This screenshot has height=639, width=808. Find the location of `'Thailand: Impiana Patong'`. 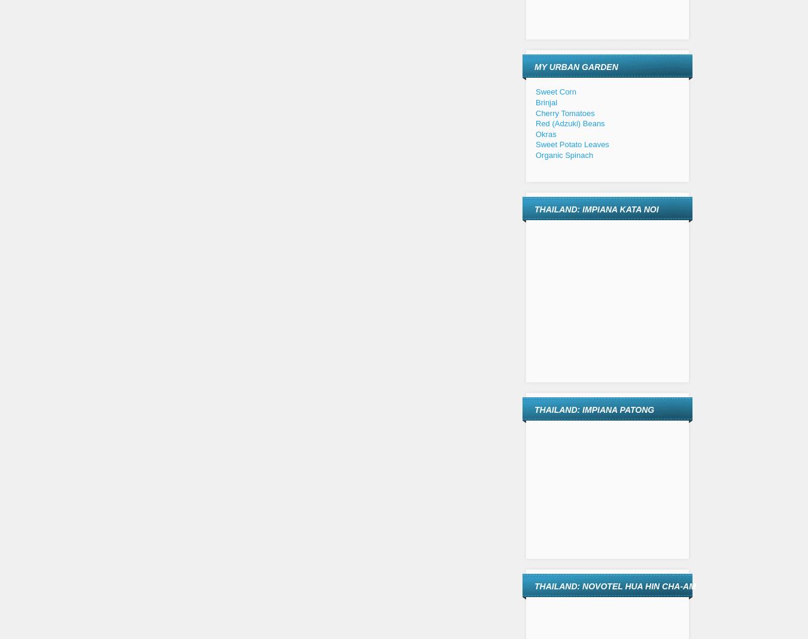

'Thailand: Impiana Patong' is located at coordinates (594, 410).